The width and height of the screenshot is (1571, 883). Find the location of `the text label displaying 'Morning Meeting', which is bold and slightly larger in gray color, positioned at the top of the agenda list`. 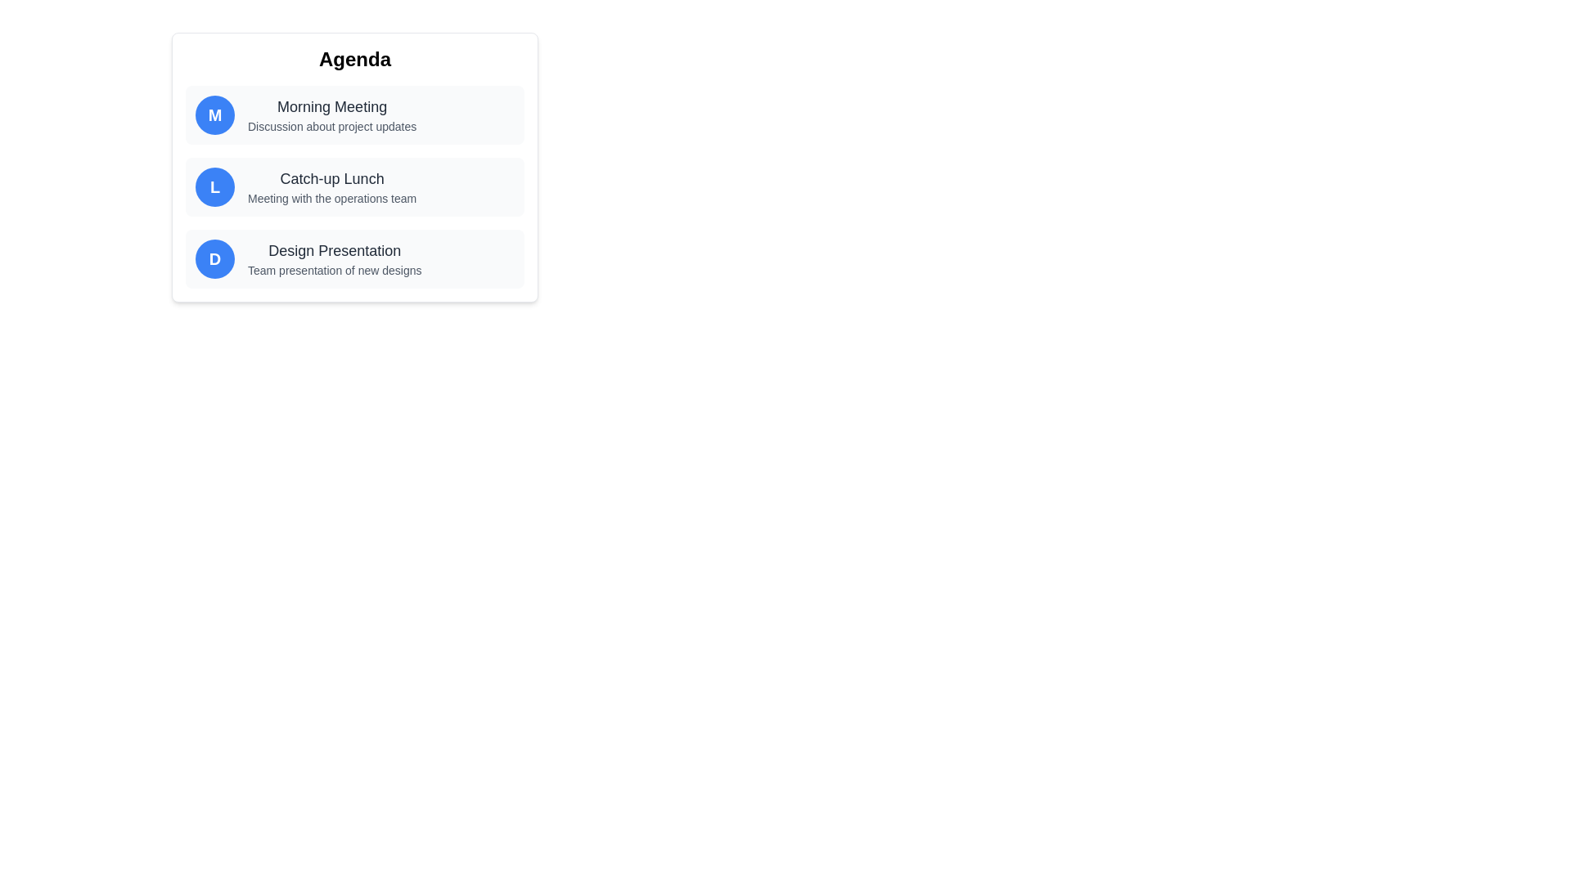

the text label displaying 'Morning Meeting', which is bold and slightly larger in gray color, positioned at the top of the agenda list is located at coordinates (331, 107).